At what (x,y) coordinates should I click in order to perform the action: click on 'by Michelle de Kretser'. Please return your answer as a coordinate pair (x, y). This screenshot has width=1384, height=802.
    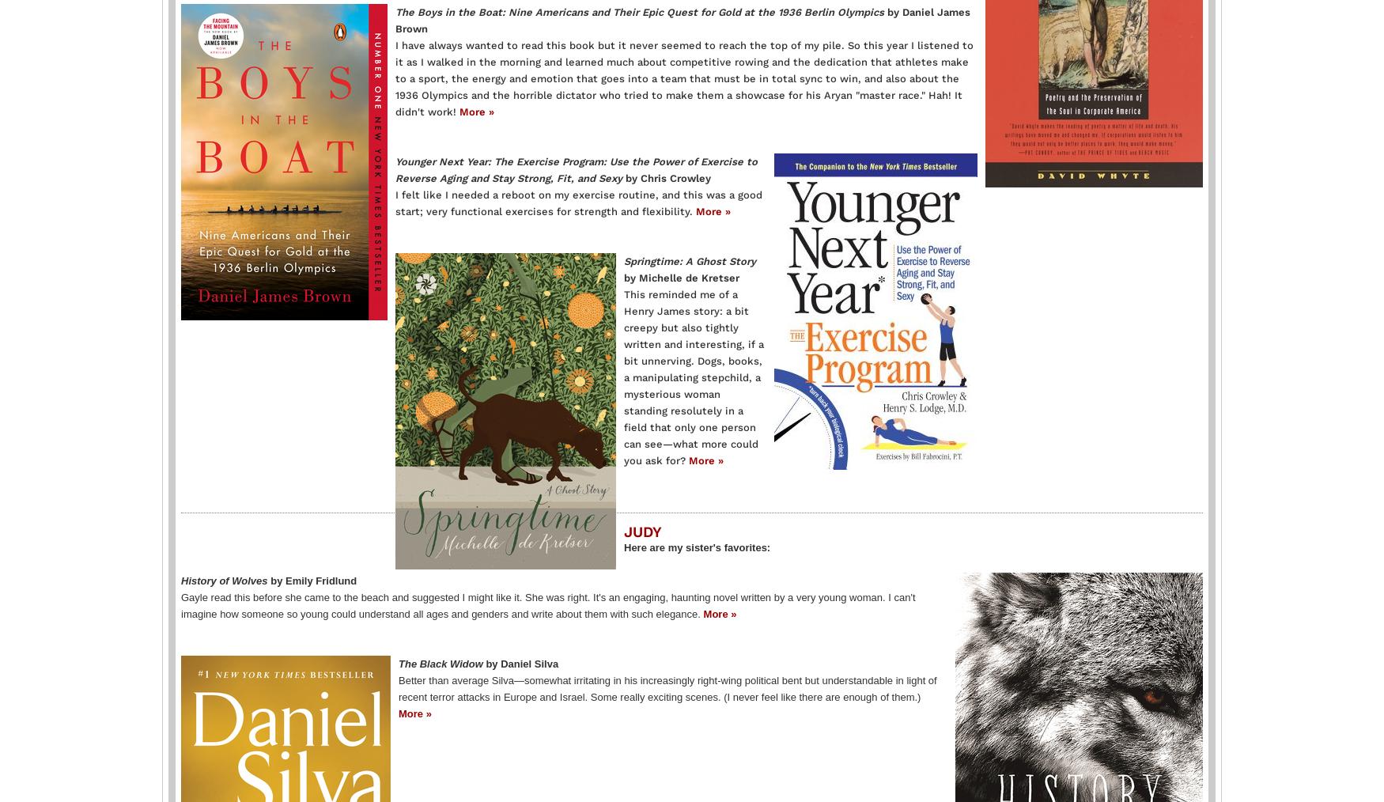
    Looking at the image, I should click on (682, 276).